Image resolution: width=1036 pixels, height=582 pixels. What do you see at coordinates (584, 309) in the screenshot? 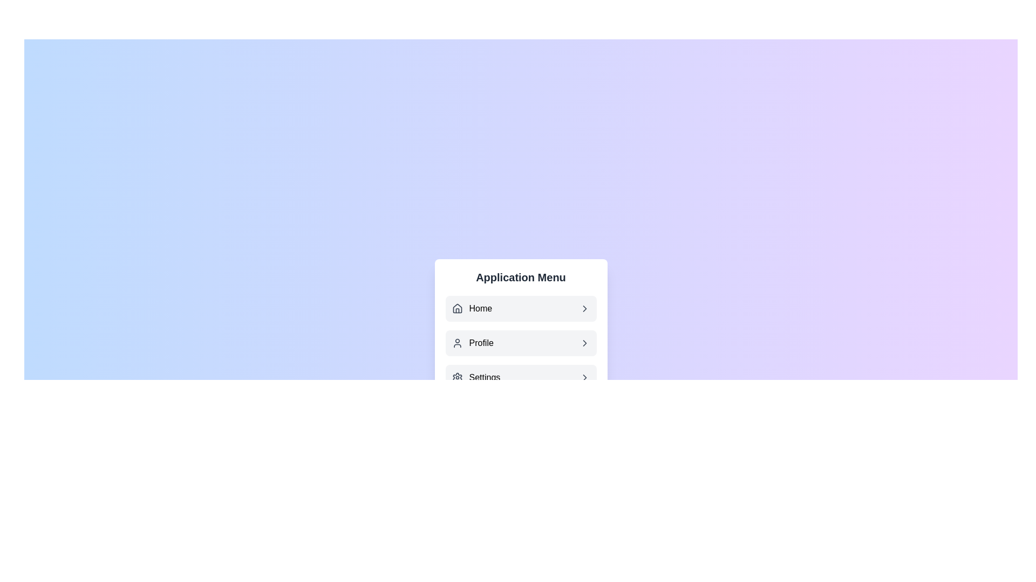
I see `the right chevron arrow marker located to the far-right within the 'Home' menu item, indicating it can be interacted with to navigate or expand a submenu` at bounding box center [584, 309].